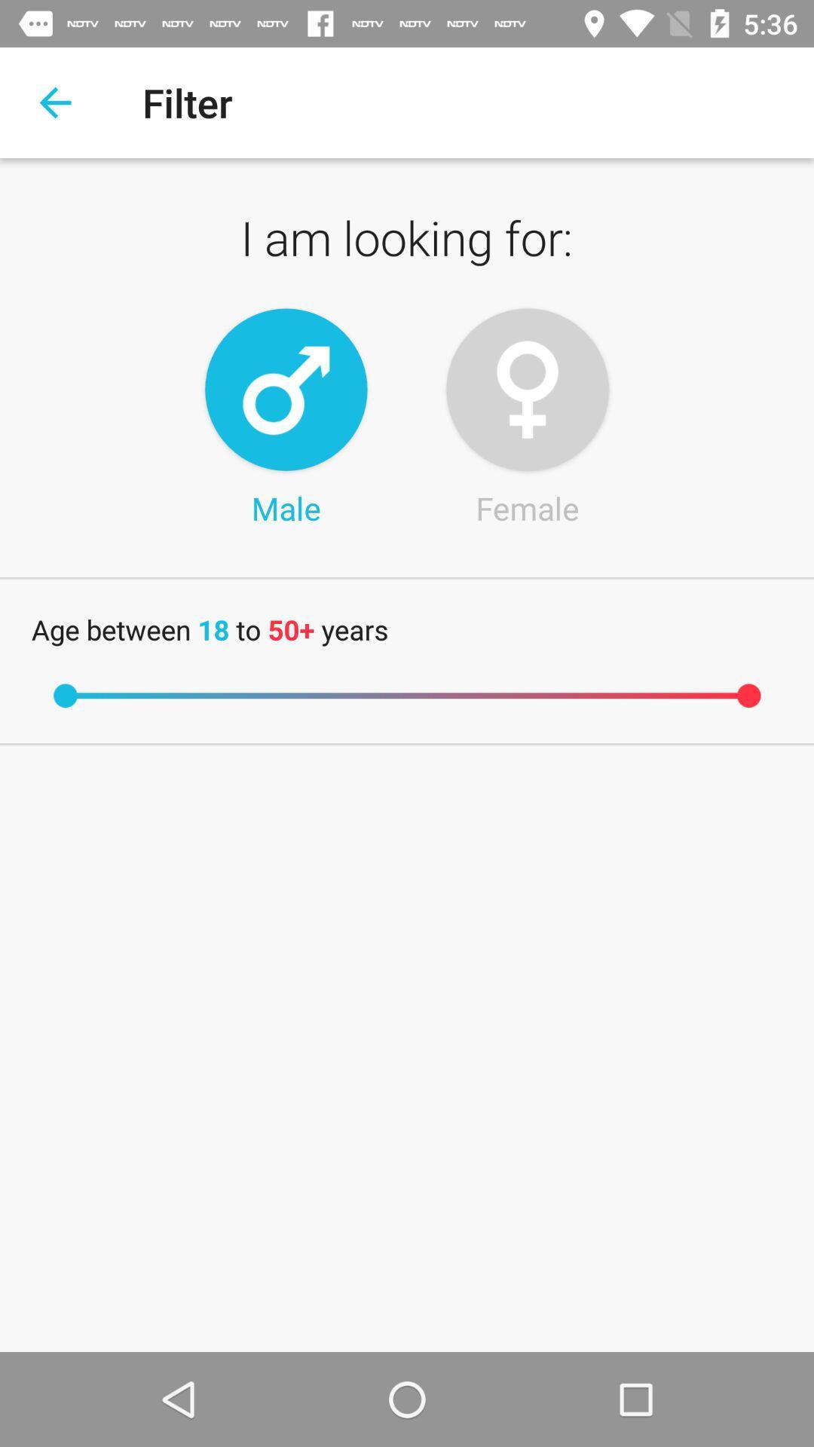 Image resolution: width=814 pixels, height=1447 pixels. What do you see at coordinates (54, 102) in the screenshot?
I see `go back` at bounding box center [54, 102].